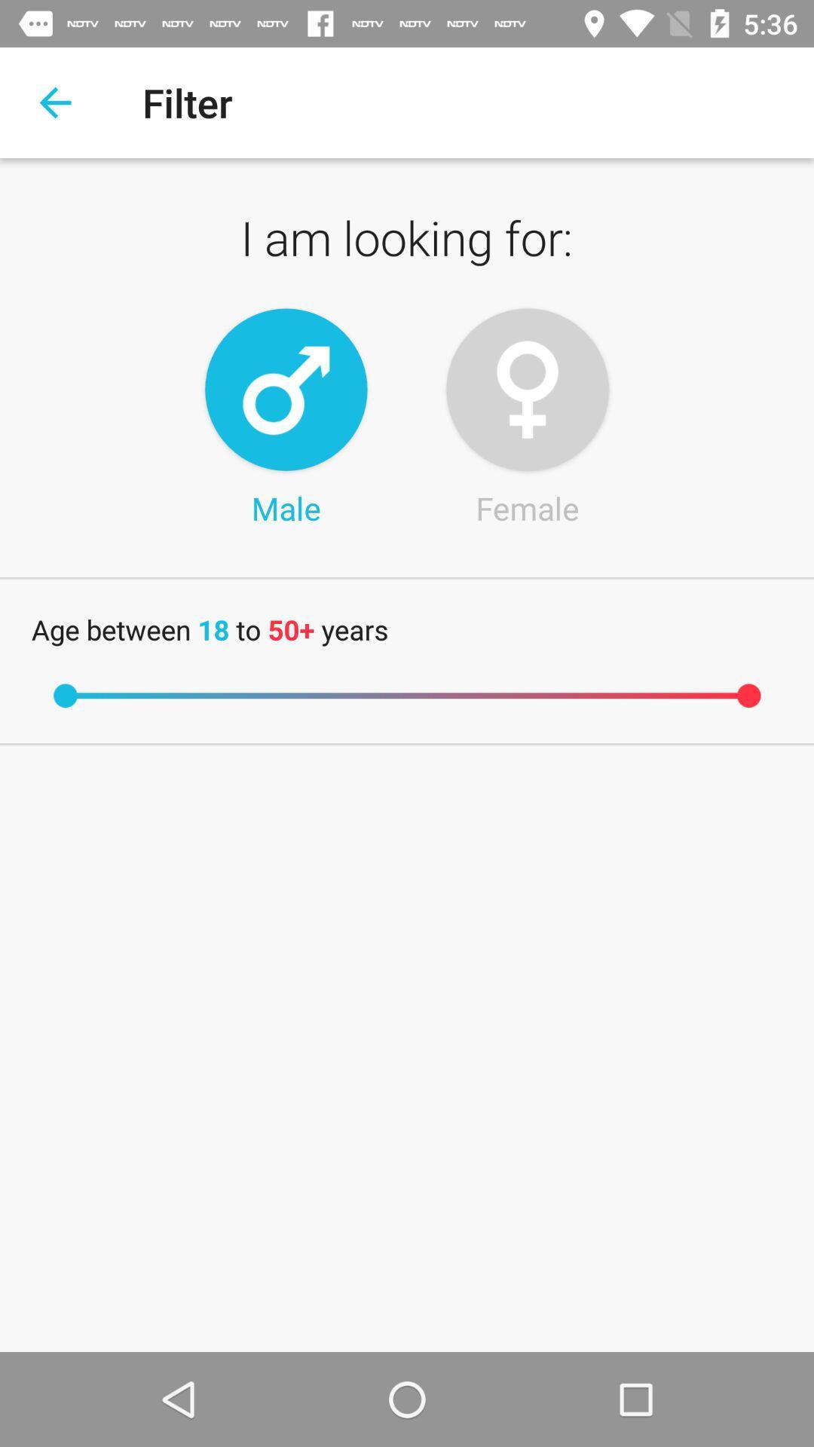 Image resolution: width=814 pixels, height=1447 pixels. What do you see at coordinates (54, 102) in the screenshot?
I see `go back` at bounding box center [54, 102].